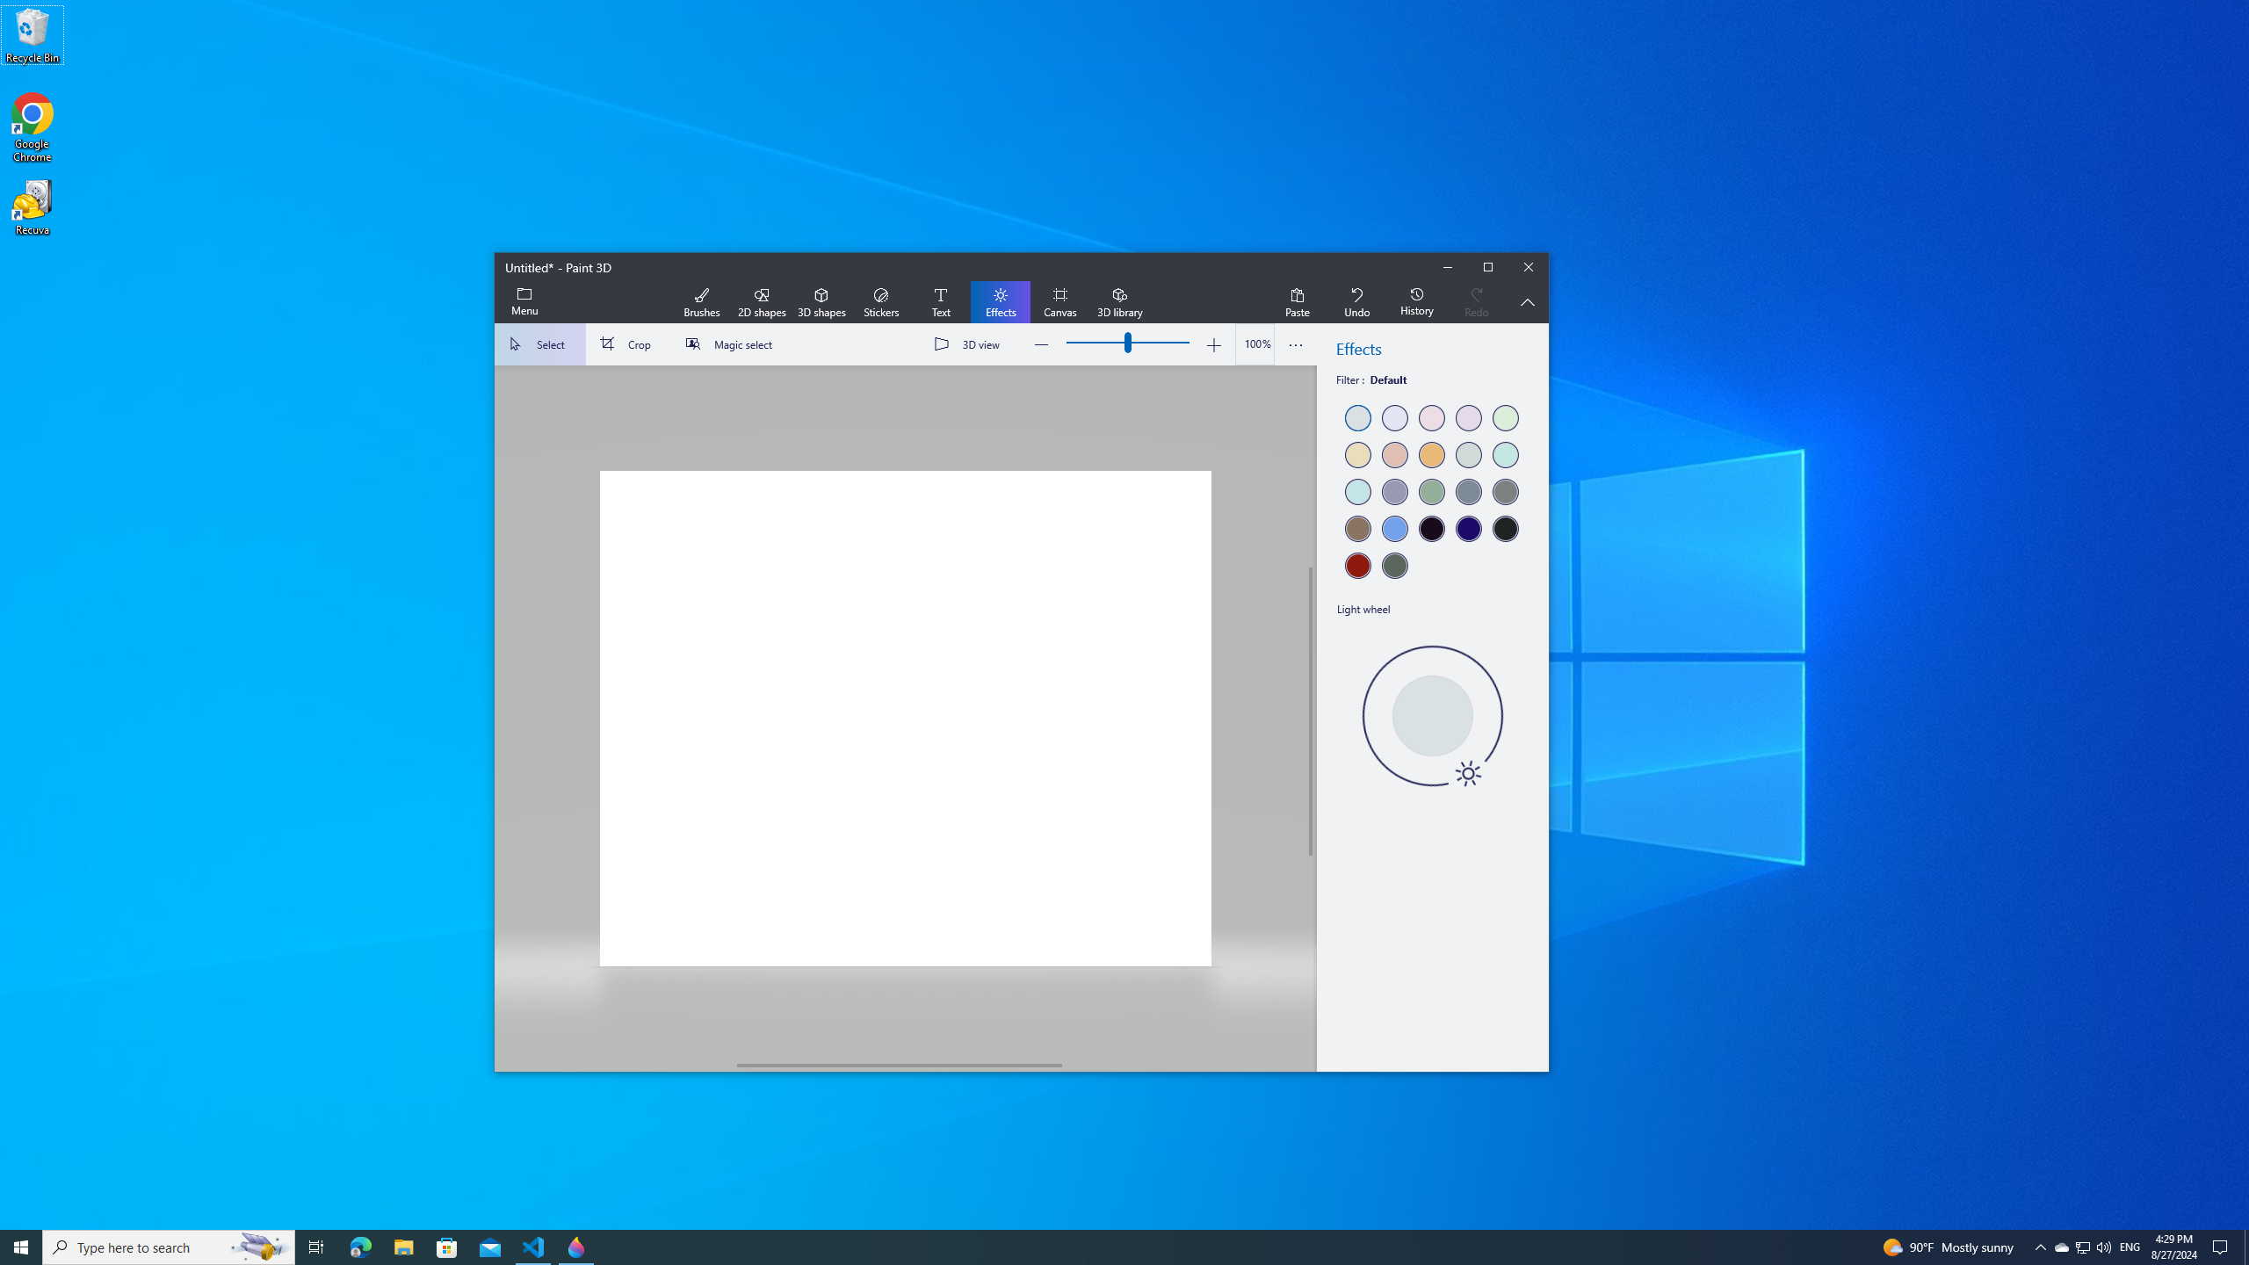 The image size is (2249, 1265). Describe the element at coordinates (447, 1246) in the screenshot. I see `'Microsoft Store'` at that location.